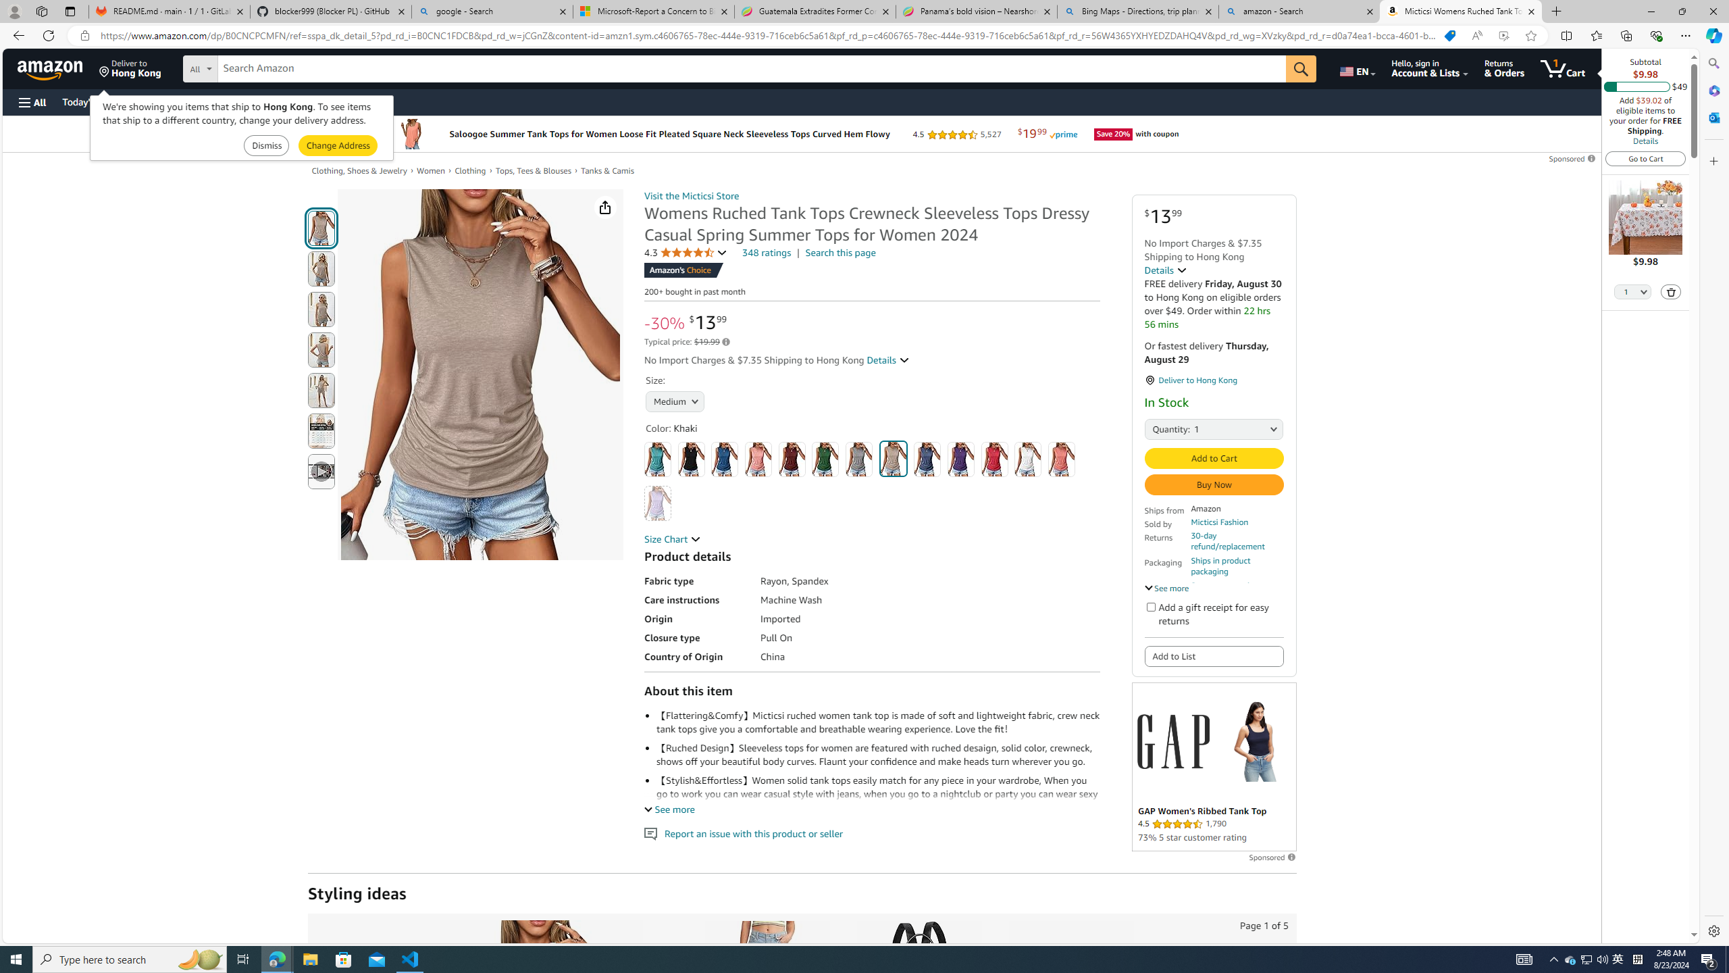  What do you see at coordinates (430, 170) in the screenshot?
I see `'Women'` at bounding box center [430, 170].